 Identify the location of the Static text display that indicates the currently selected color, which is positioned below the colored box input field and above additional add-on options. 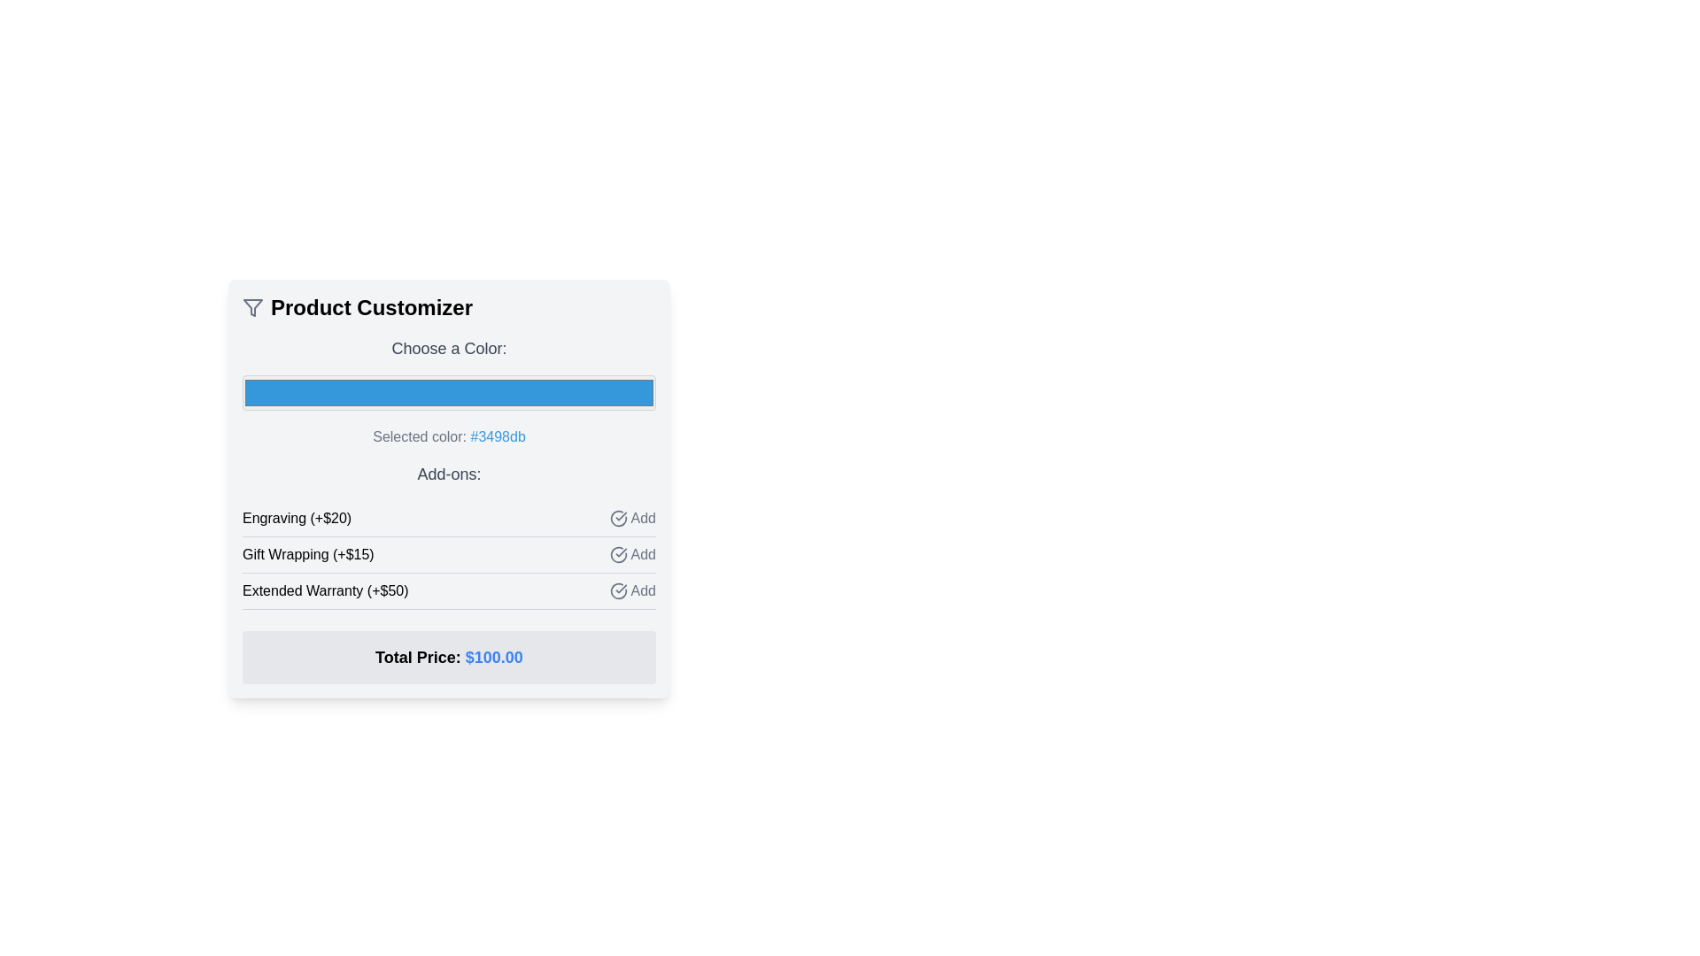
(449, 436).